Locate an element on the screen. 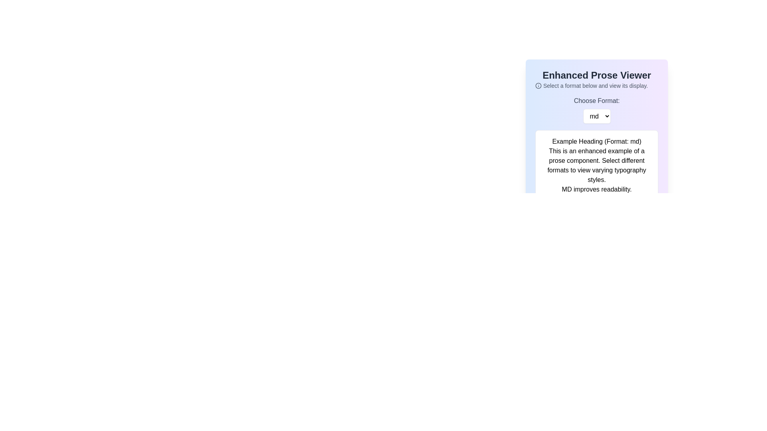 The image size is (767, 431). the text content of the heading that reads 'Example Heading (Format: md)', which is prominently styled and located at the top of a card interface with rounded corners is located at coordinates (596, 141).